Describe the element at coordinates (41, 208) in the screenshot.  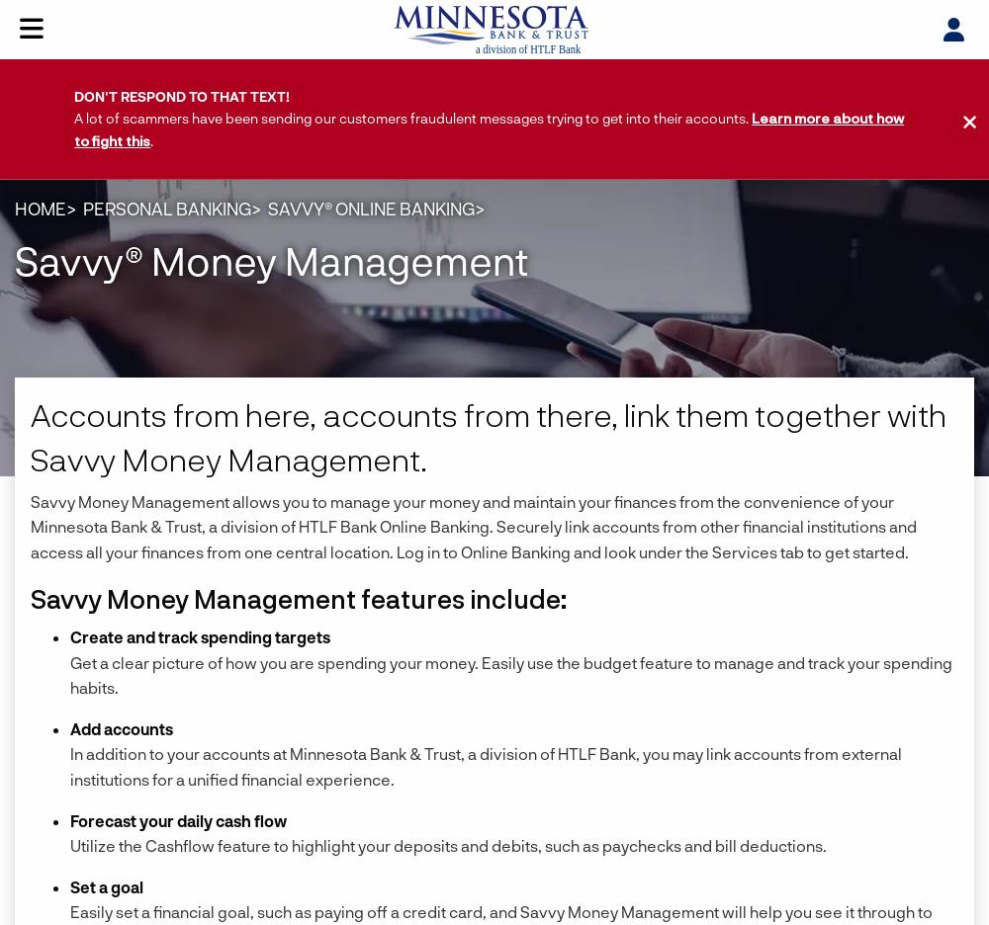
I see `'Home'` at that location.